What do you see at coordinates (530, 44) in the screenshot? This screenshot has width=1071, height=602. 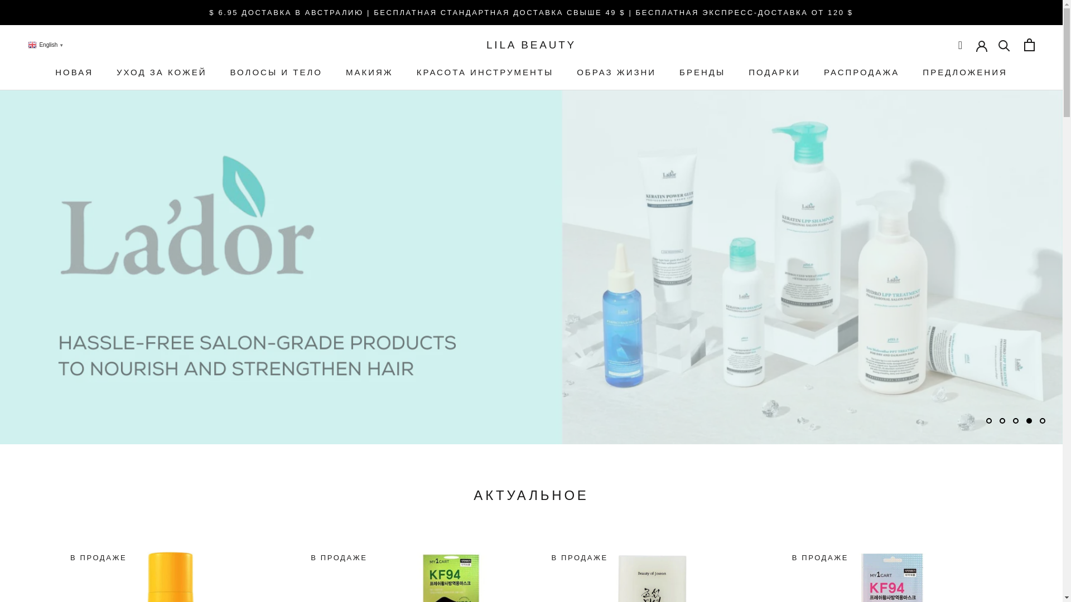 I see `'LILA BEAUTY'` at bounding box center [530, 44].